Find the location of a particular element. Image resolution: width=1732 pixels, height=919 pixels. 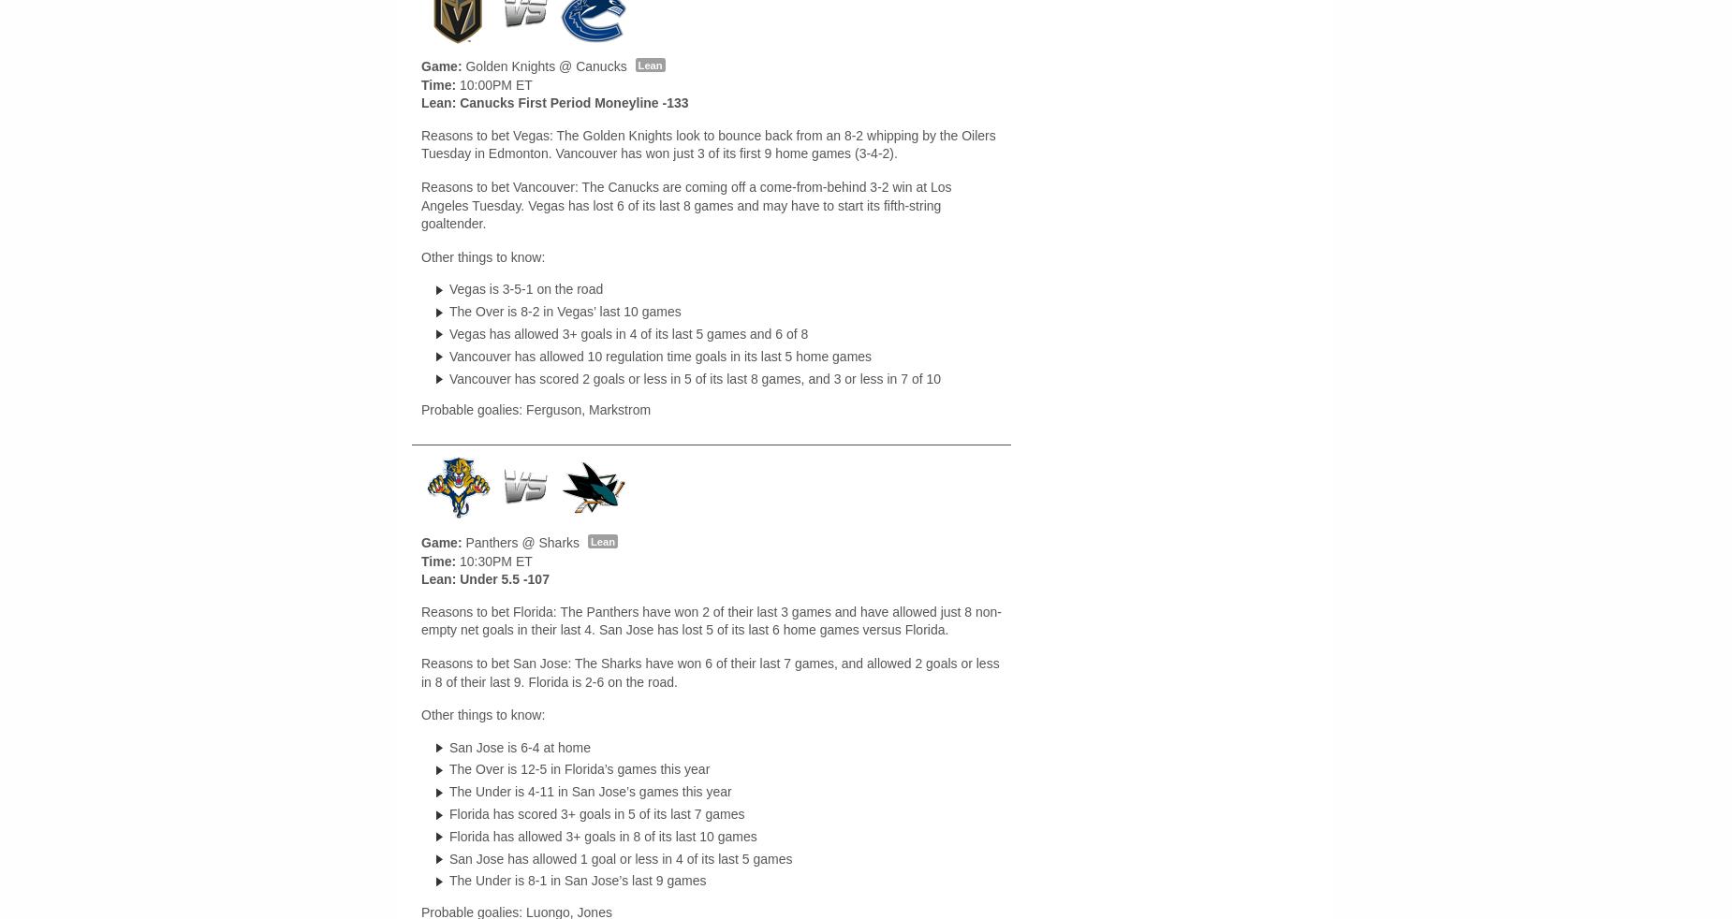

'Panthers @ Sharks' is located at coordinates (462, 540).